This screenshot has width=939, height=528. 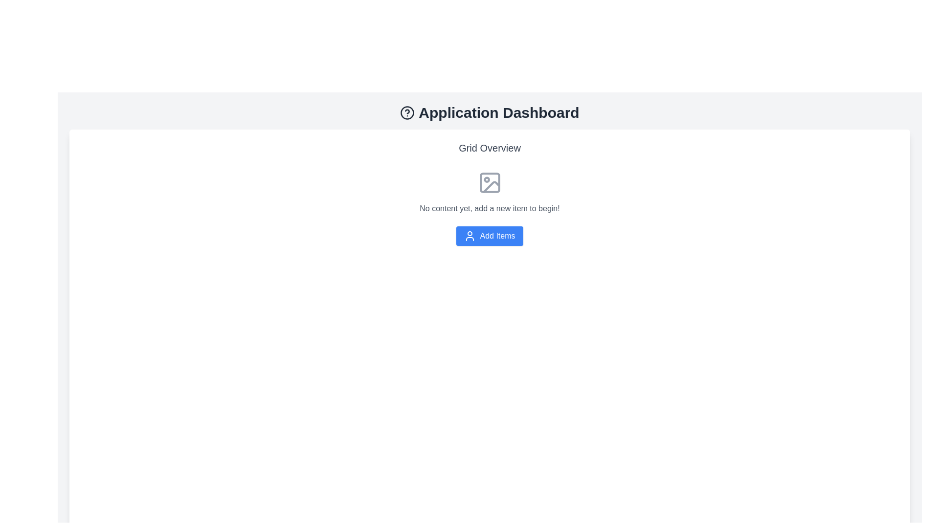 I want to click on the 'Grid Overview' text label, so click(x=490, y=148).